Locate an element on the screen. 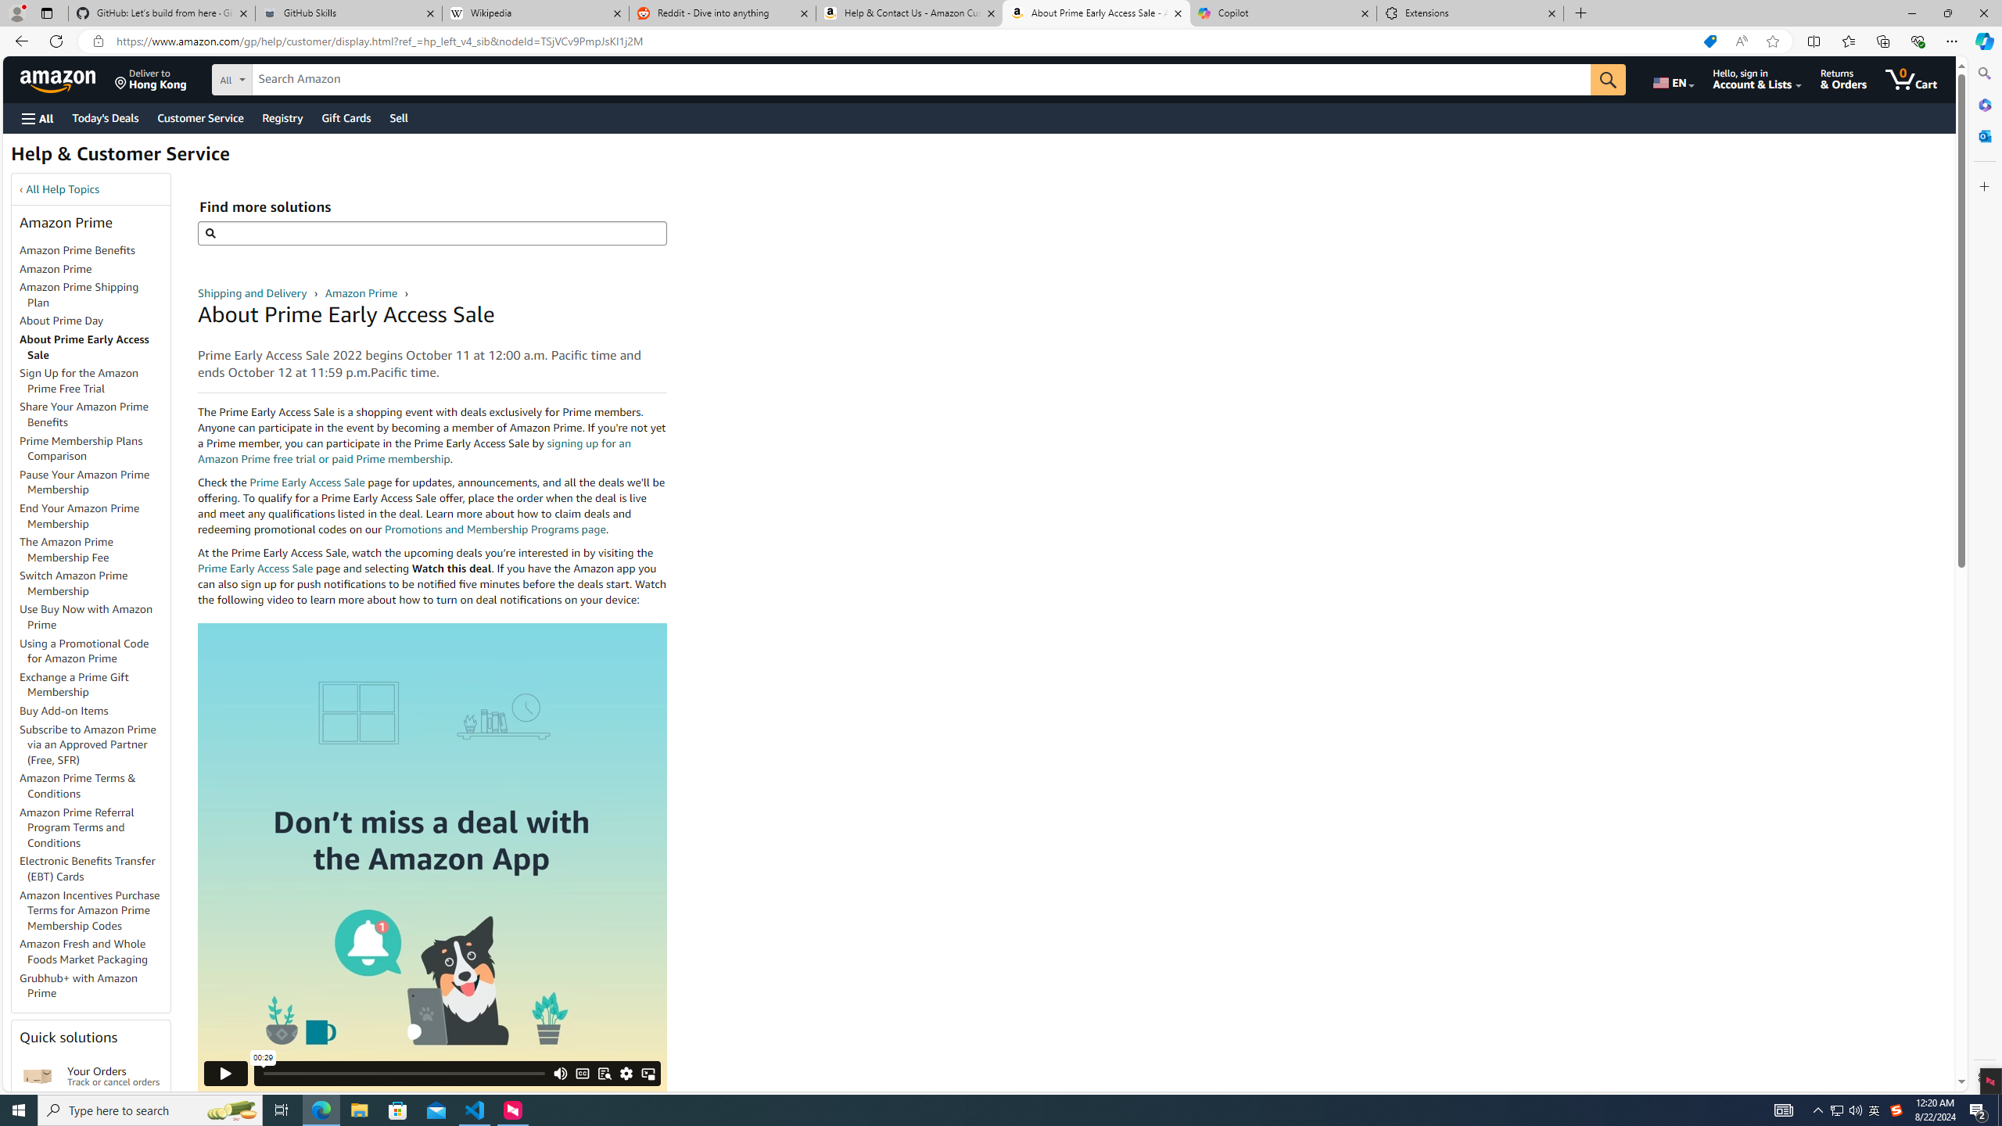  'Electronic Benefits Transfer (EBT) Cards' is located at coordinates (95, 868).